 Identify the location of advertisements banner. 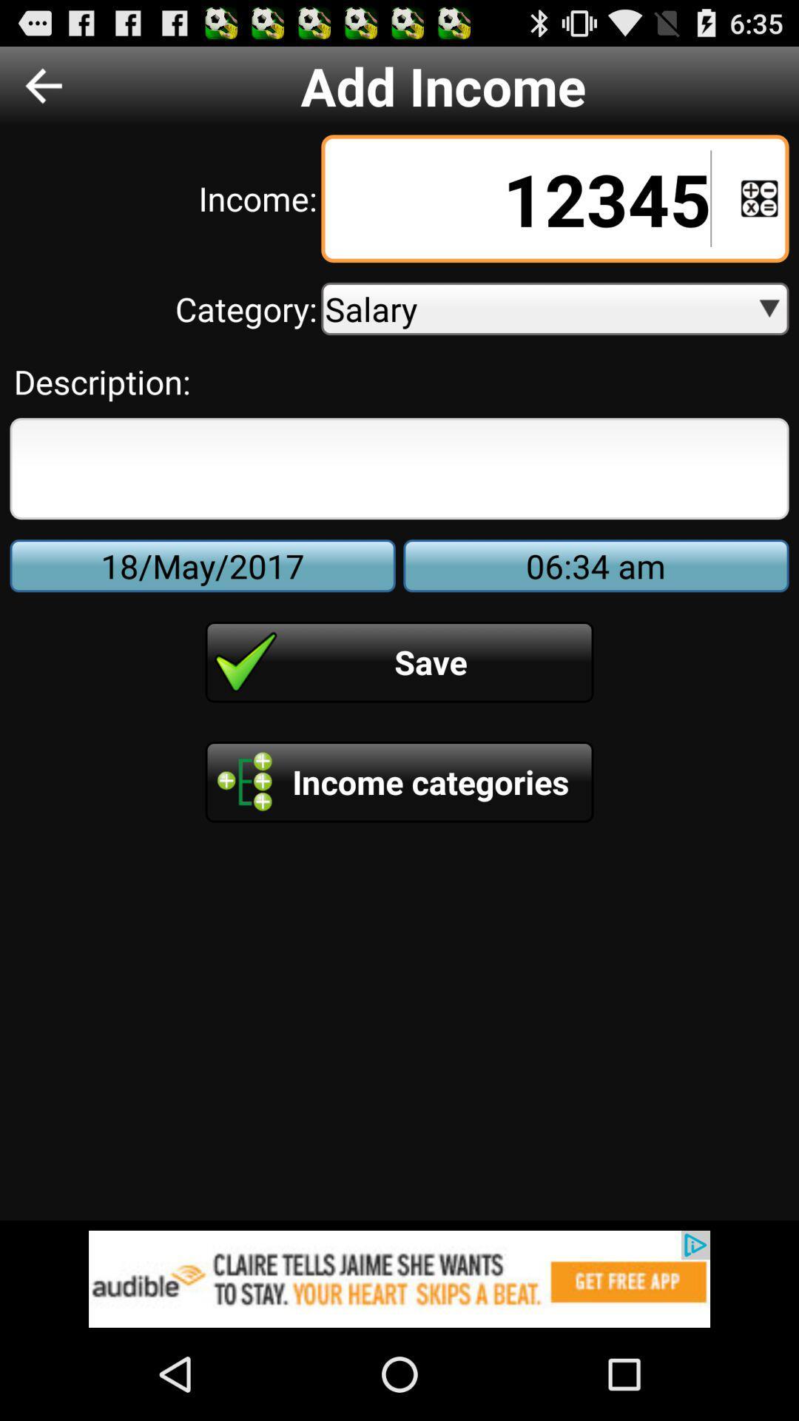
(399, 1278).